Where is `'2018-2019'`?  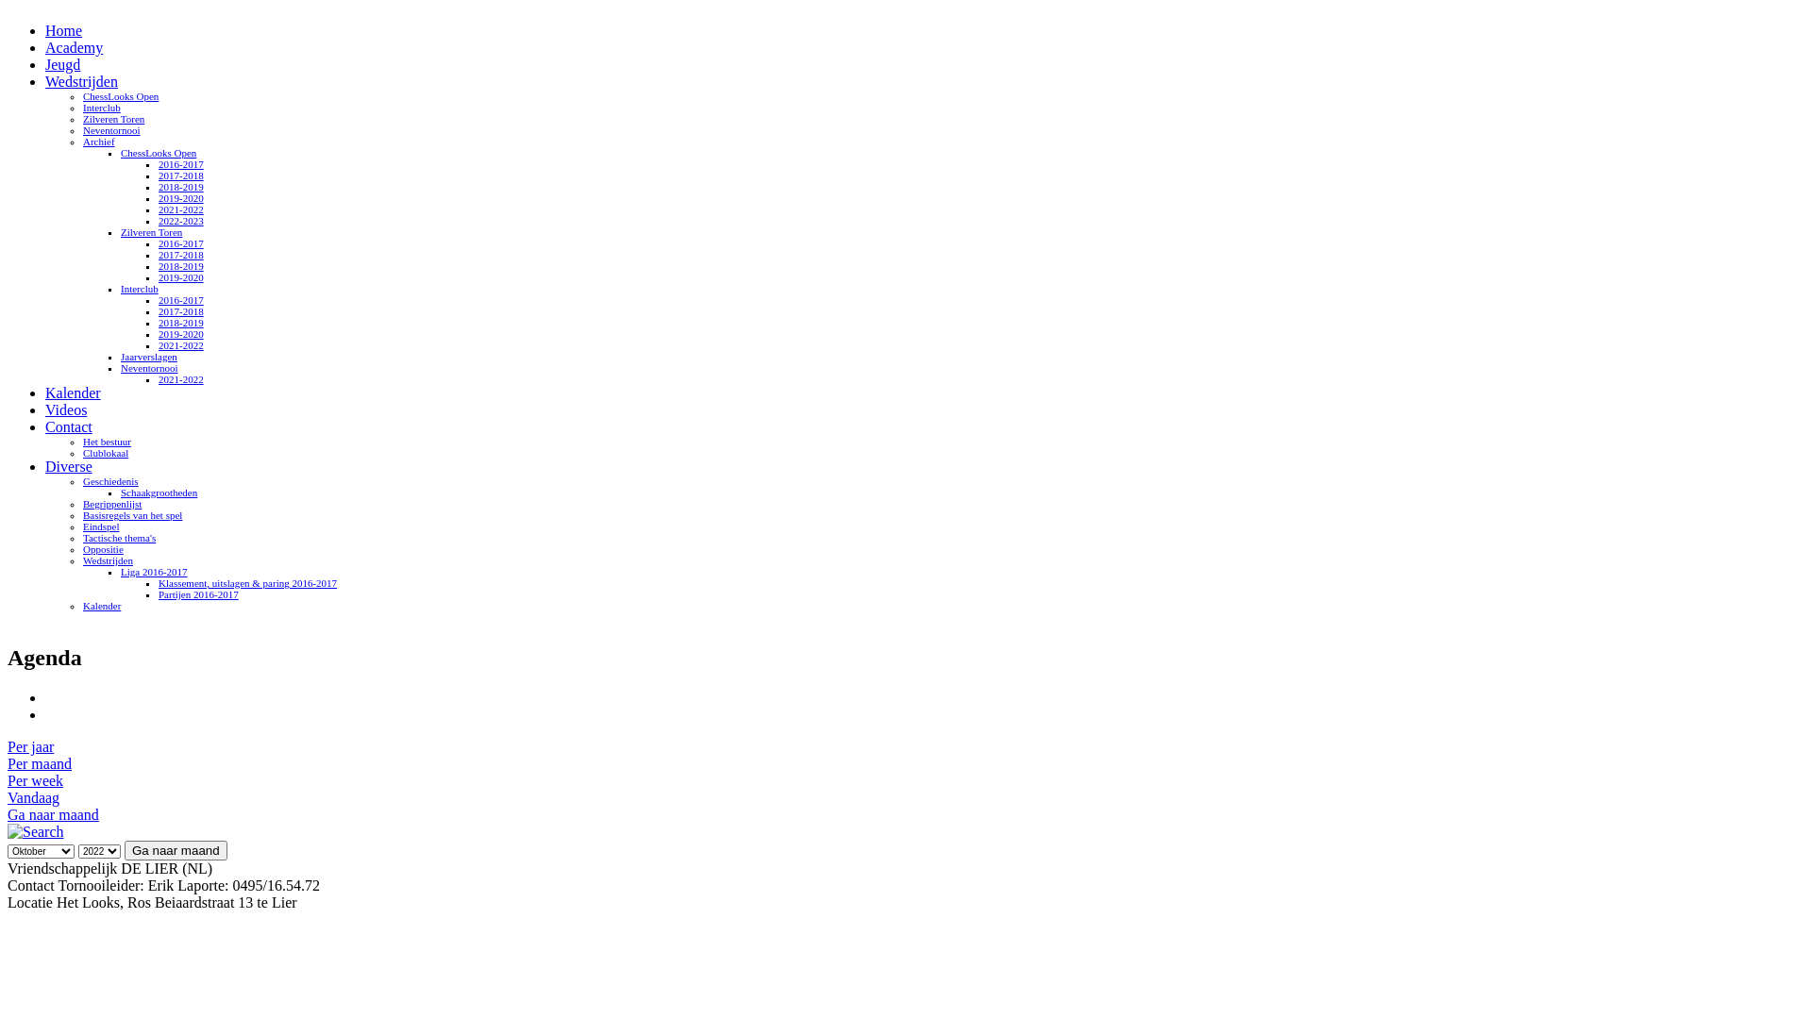
'2018-2019' is located at coordinates (159, 265).